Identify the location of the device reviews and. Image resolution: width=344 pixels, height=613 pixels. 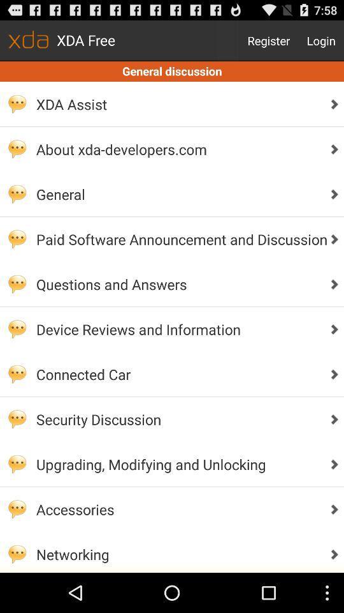
(178, 328).